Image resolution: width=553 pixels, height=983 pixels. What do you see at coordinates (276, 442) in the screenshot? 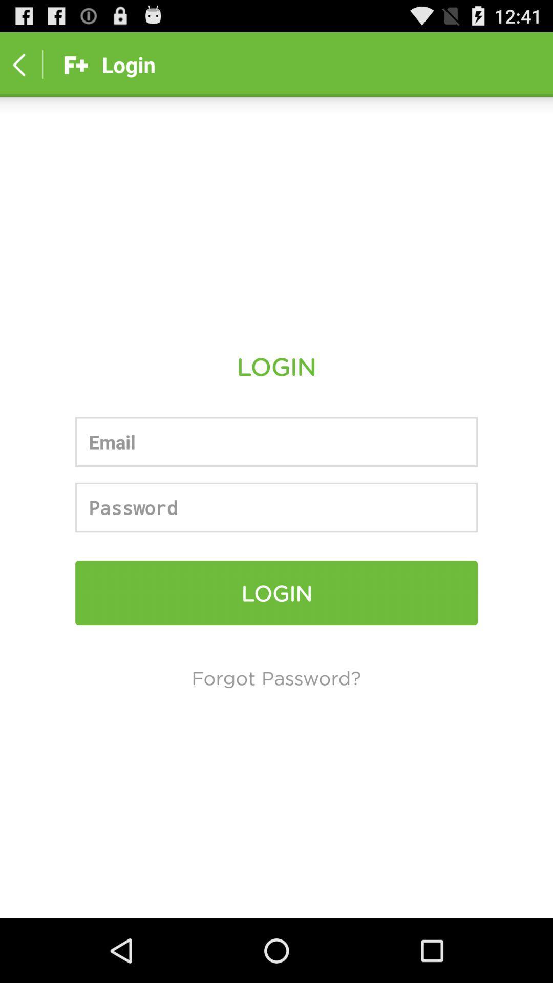
I see `the email` at bounding box center [276, 442].